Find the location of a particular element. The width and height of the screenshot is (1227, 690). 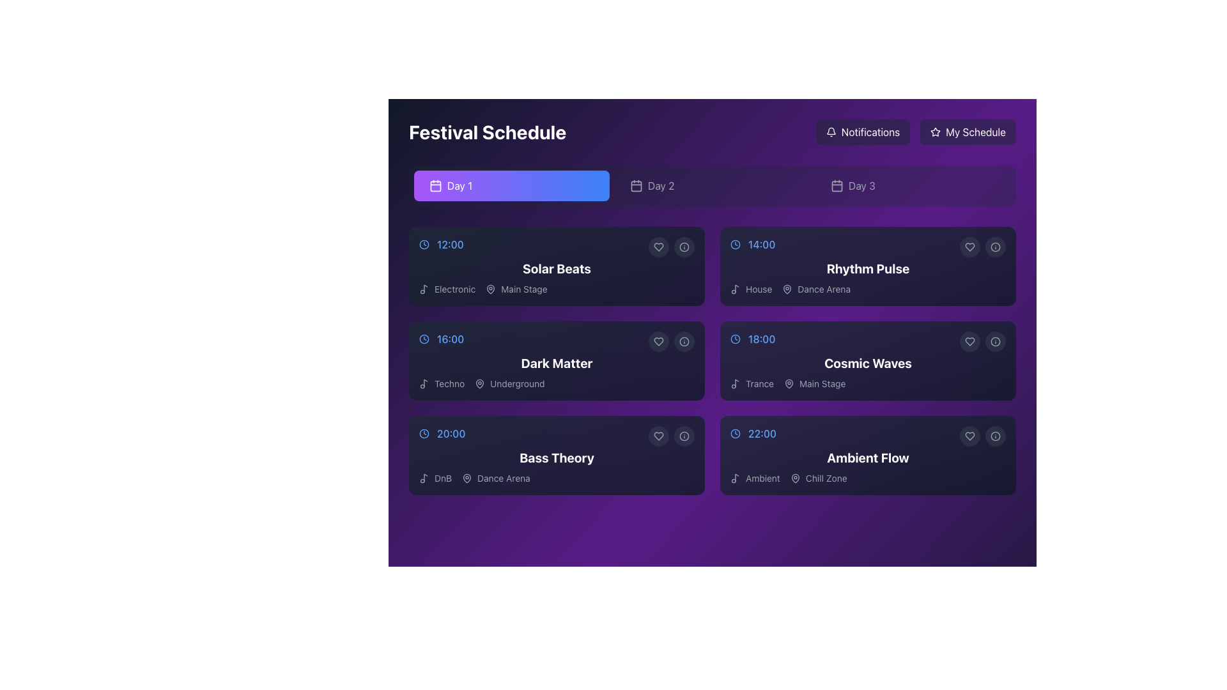

the text label displaying the word 'House' in white font, located next to a music note icon in the 'Dance Arena' section is located at coordinates (759, 289).